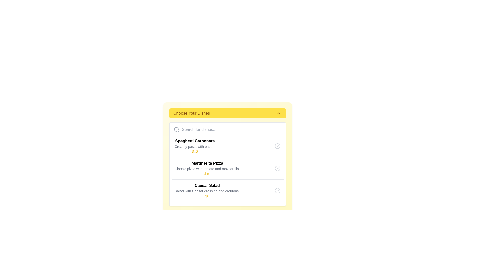 This screenshot has width=482, height=271. I want to click on Price indicator for 'Margherita Pizza' located at the bottom of its menu option group to view the price details, so click(207, 174).